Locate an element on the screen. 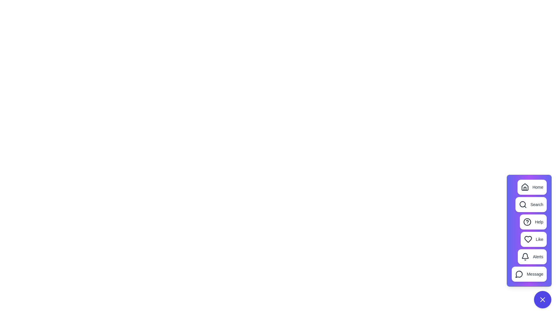 Image resolution: width=556 pixels, height=313 pixels. toggle button at the bottom-right corner to toggle the menu open or closed is located at coordinates (542, 299).